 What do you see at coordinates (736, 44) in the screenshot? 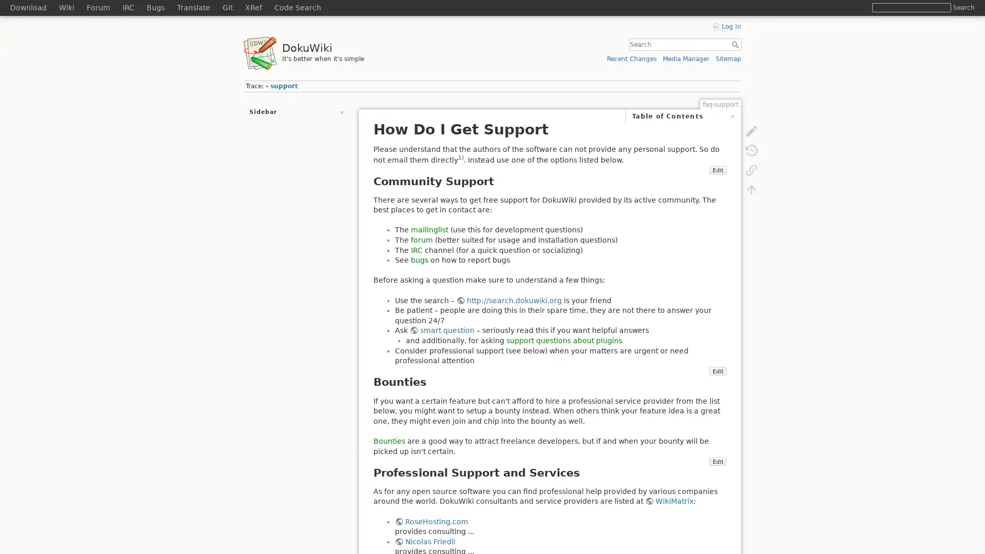
I see `Search` at bounding box center [736, 44].